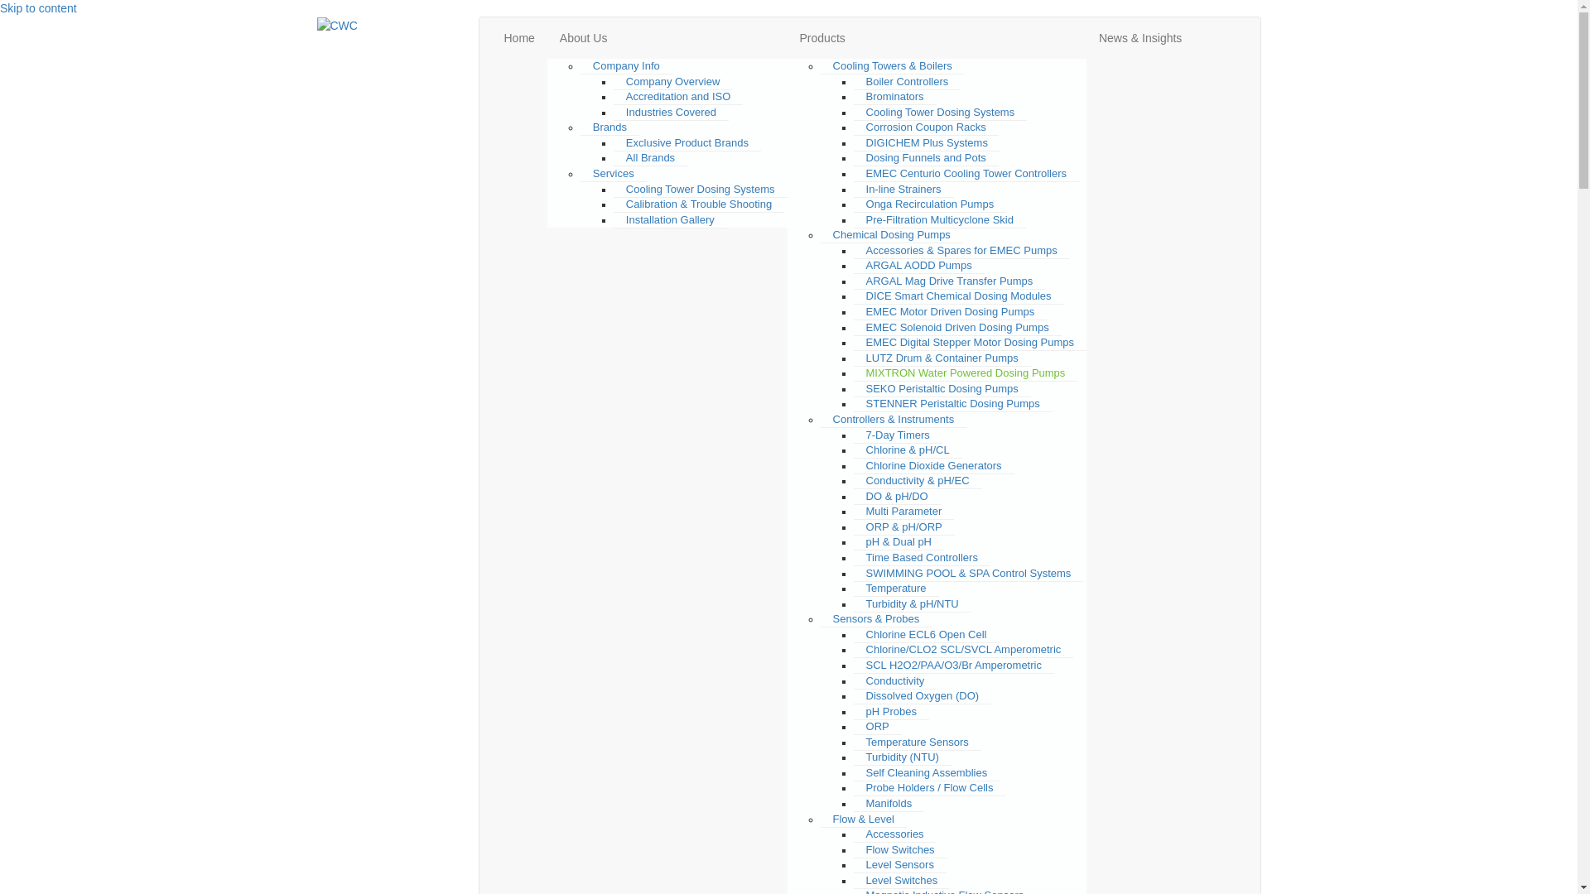 Image resolution: width=1590 pixels, height=894 pixels. What do you see at coordinates (894, 96) in the screenshot?
I see `'Brominators'` at bounding box center [894, 96].